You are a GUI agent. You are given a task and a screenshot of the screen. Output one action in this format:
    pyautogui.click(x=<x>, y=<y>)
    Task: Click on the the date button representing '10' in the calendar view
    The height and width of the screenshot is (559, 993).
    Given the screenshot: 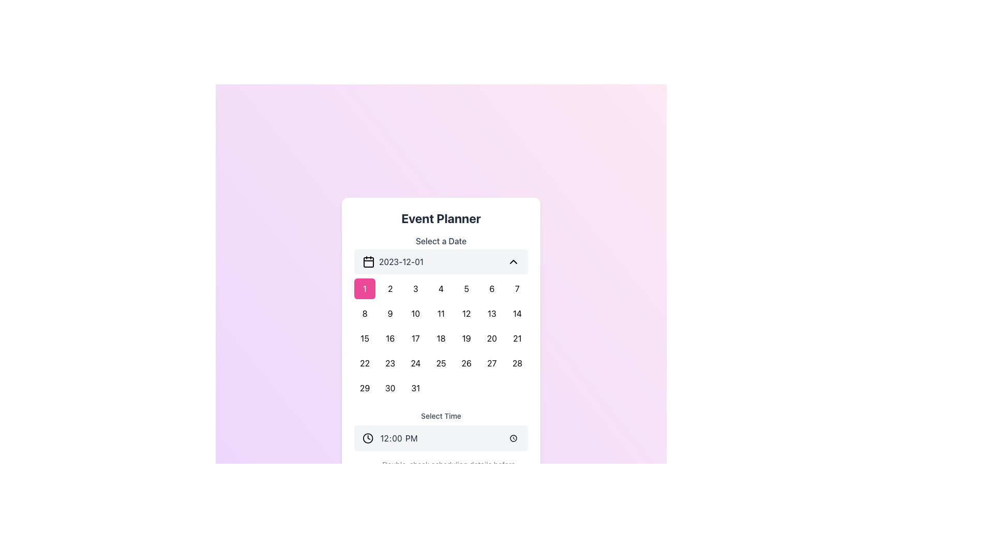 What is the action you would take?
    pyautogui.click(x=415, y=313)
    